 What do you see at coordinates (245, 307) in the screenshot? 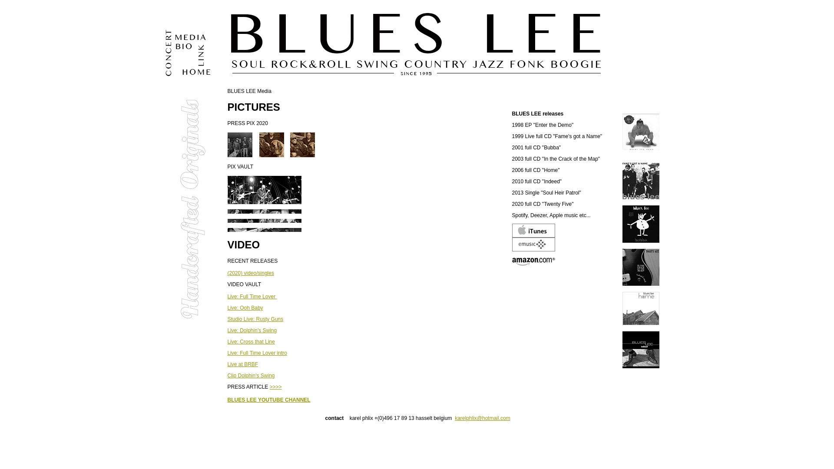
I see `'Live: Ooh Baby'` at bounding box center [245, 307].